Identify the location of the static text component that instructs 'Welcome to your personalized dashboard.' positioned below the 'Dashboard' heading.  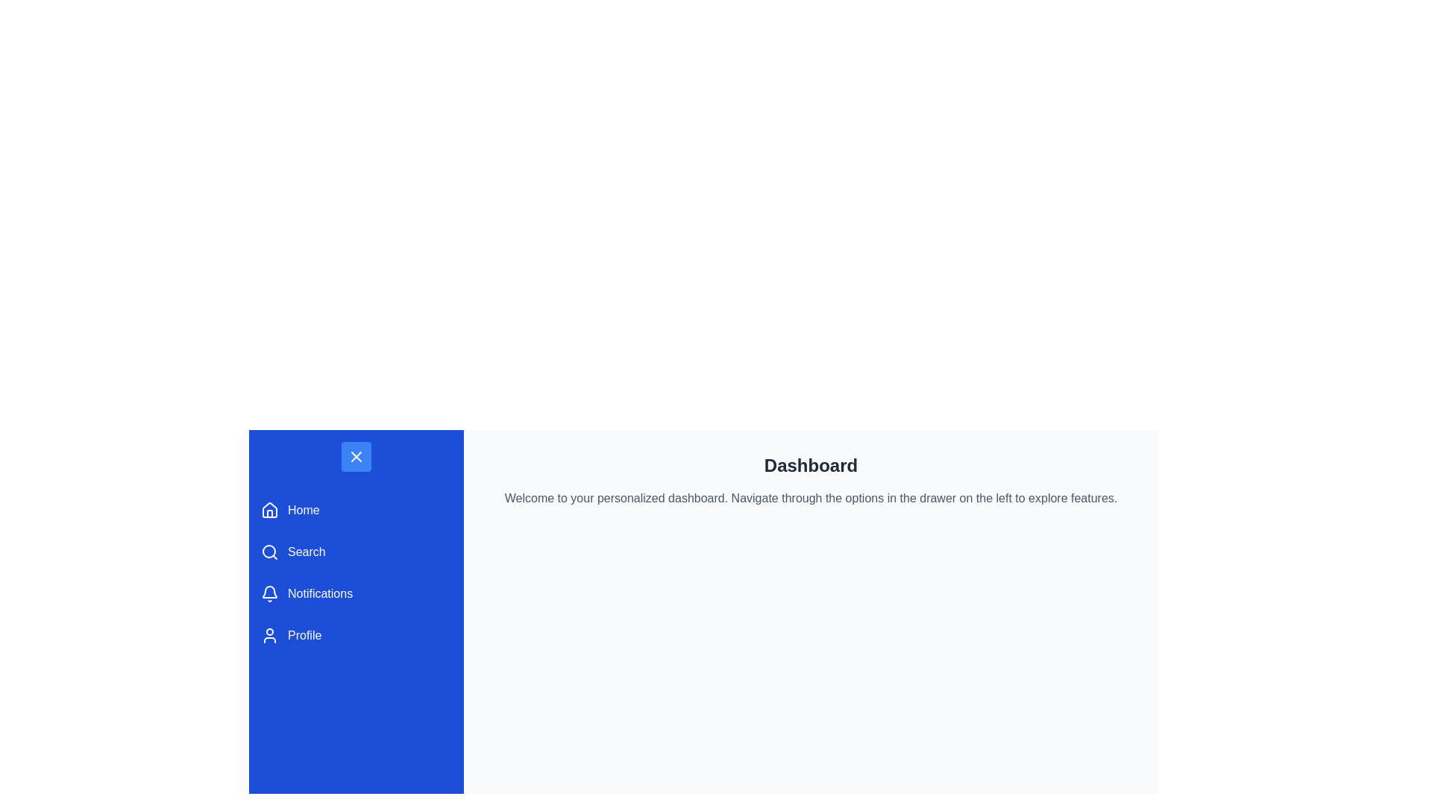
(810, 498).